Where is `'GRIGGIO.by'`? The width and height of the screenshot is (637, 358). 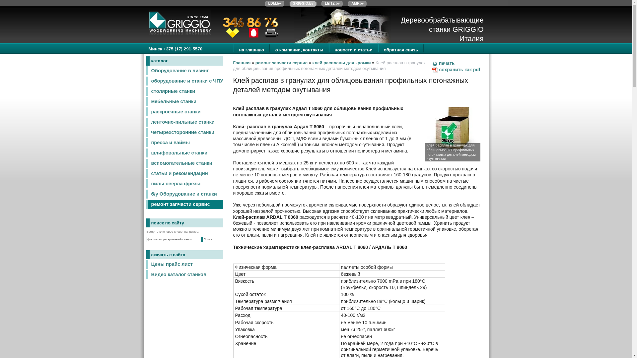
'GRIGGIO.by' is located at coordinates (302, 4).